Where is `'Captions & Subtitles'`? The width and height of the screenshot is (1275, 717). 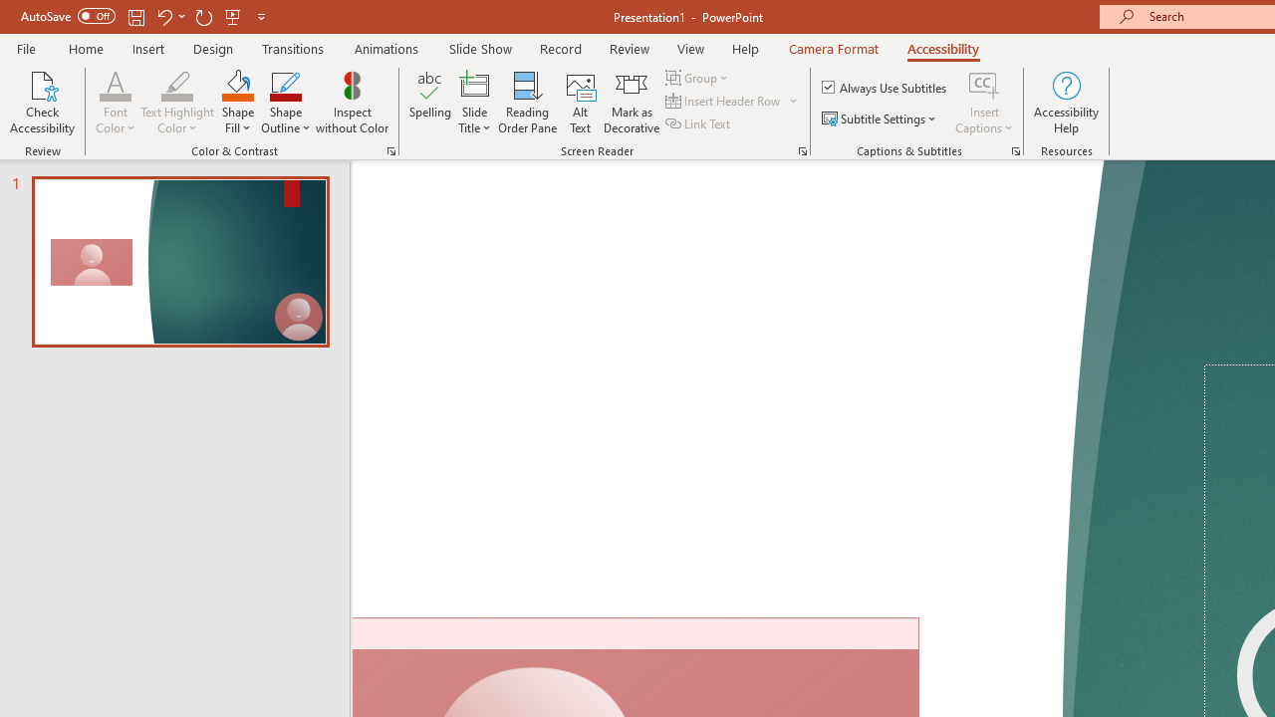
'Captions & Subtitles' is located at coordinates (1016, 149).